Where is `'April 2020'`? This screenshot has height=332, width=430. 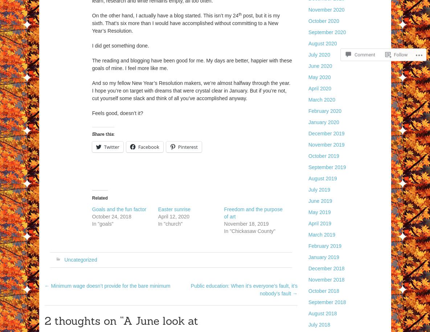
'April 2020' is located at coordinates (320, 89).